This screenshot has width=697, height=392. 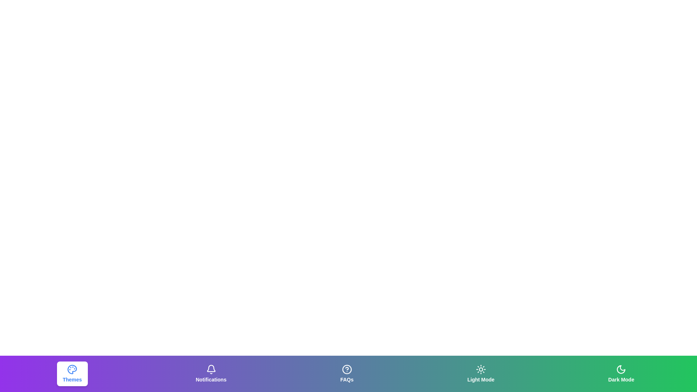 What do you see at coordinates (72, 373) in the screenshot?
I see `the Themes tab to observe its hover effect` at bounding box center [72, 373].